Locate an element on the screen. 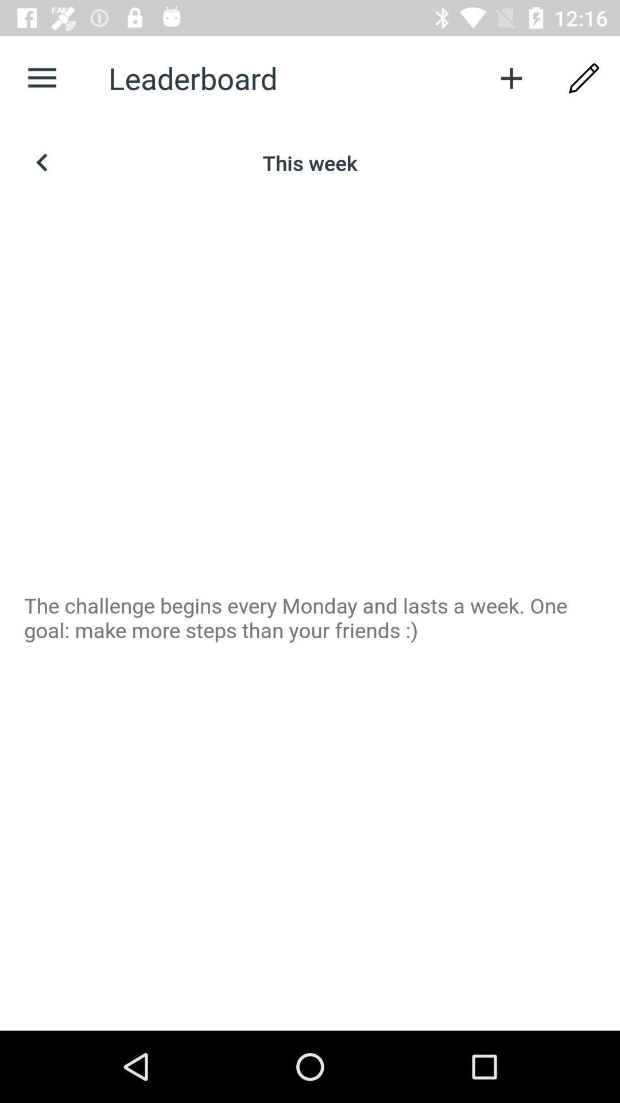 Image resolution: width=620 pixels, height=1103 pixels. the icon above the the challenge begins item is located at coordinates (584, 78).